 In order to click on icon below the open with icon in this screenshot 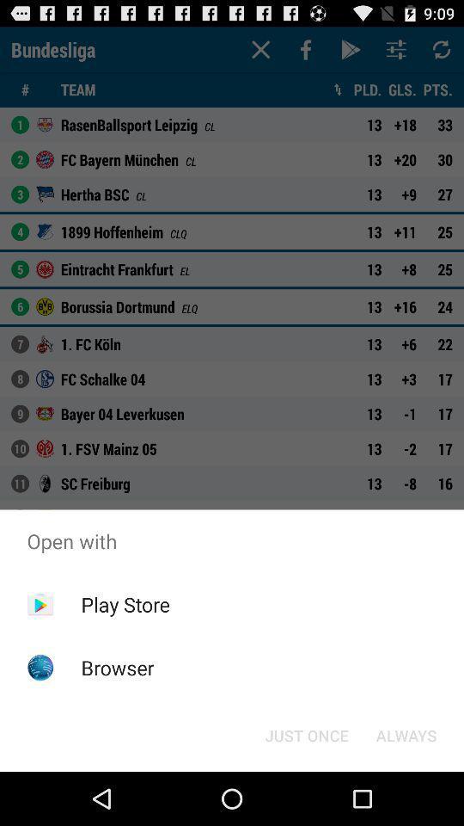, I will do `click(406, 734)`.